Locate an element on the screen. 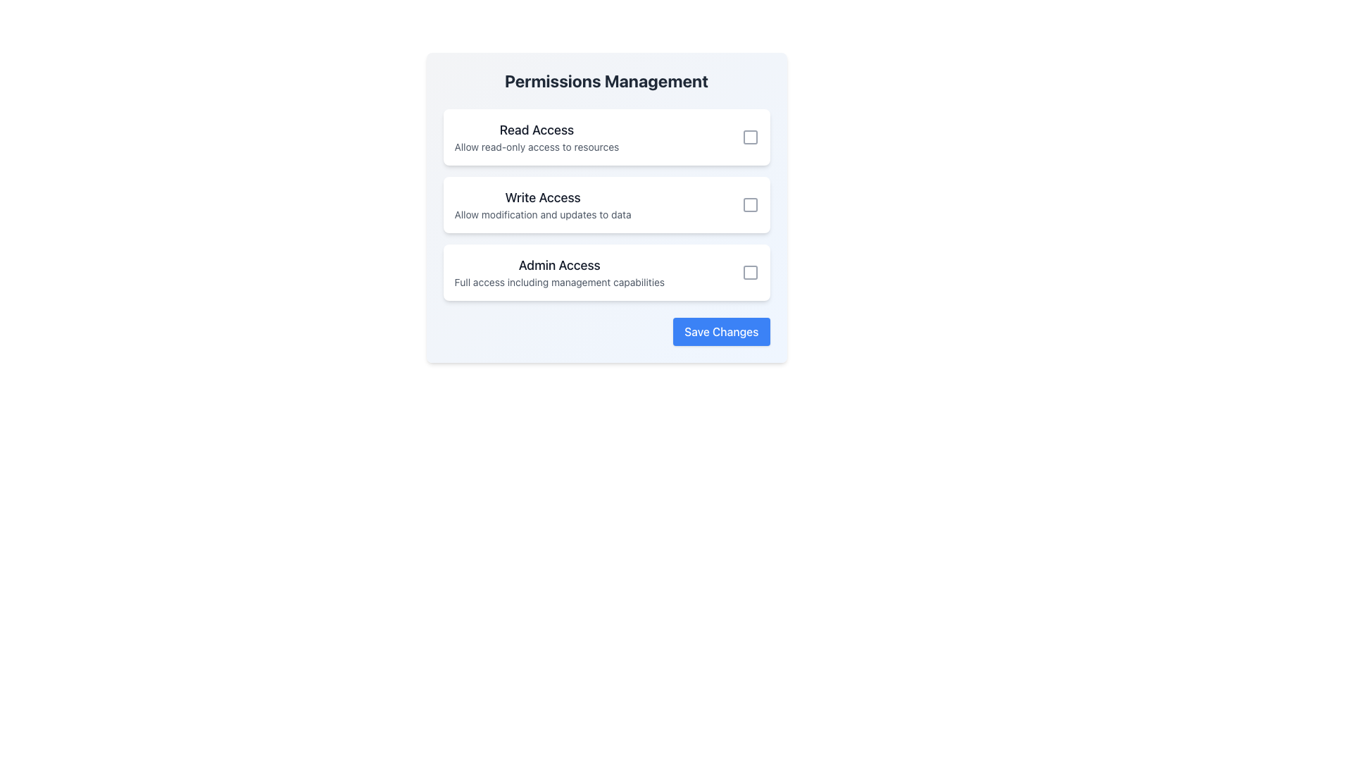  text block element titled 'Write Access' which contains a bold title and a supporting description in gray text is located at coordinates (542, 204).